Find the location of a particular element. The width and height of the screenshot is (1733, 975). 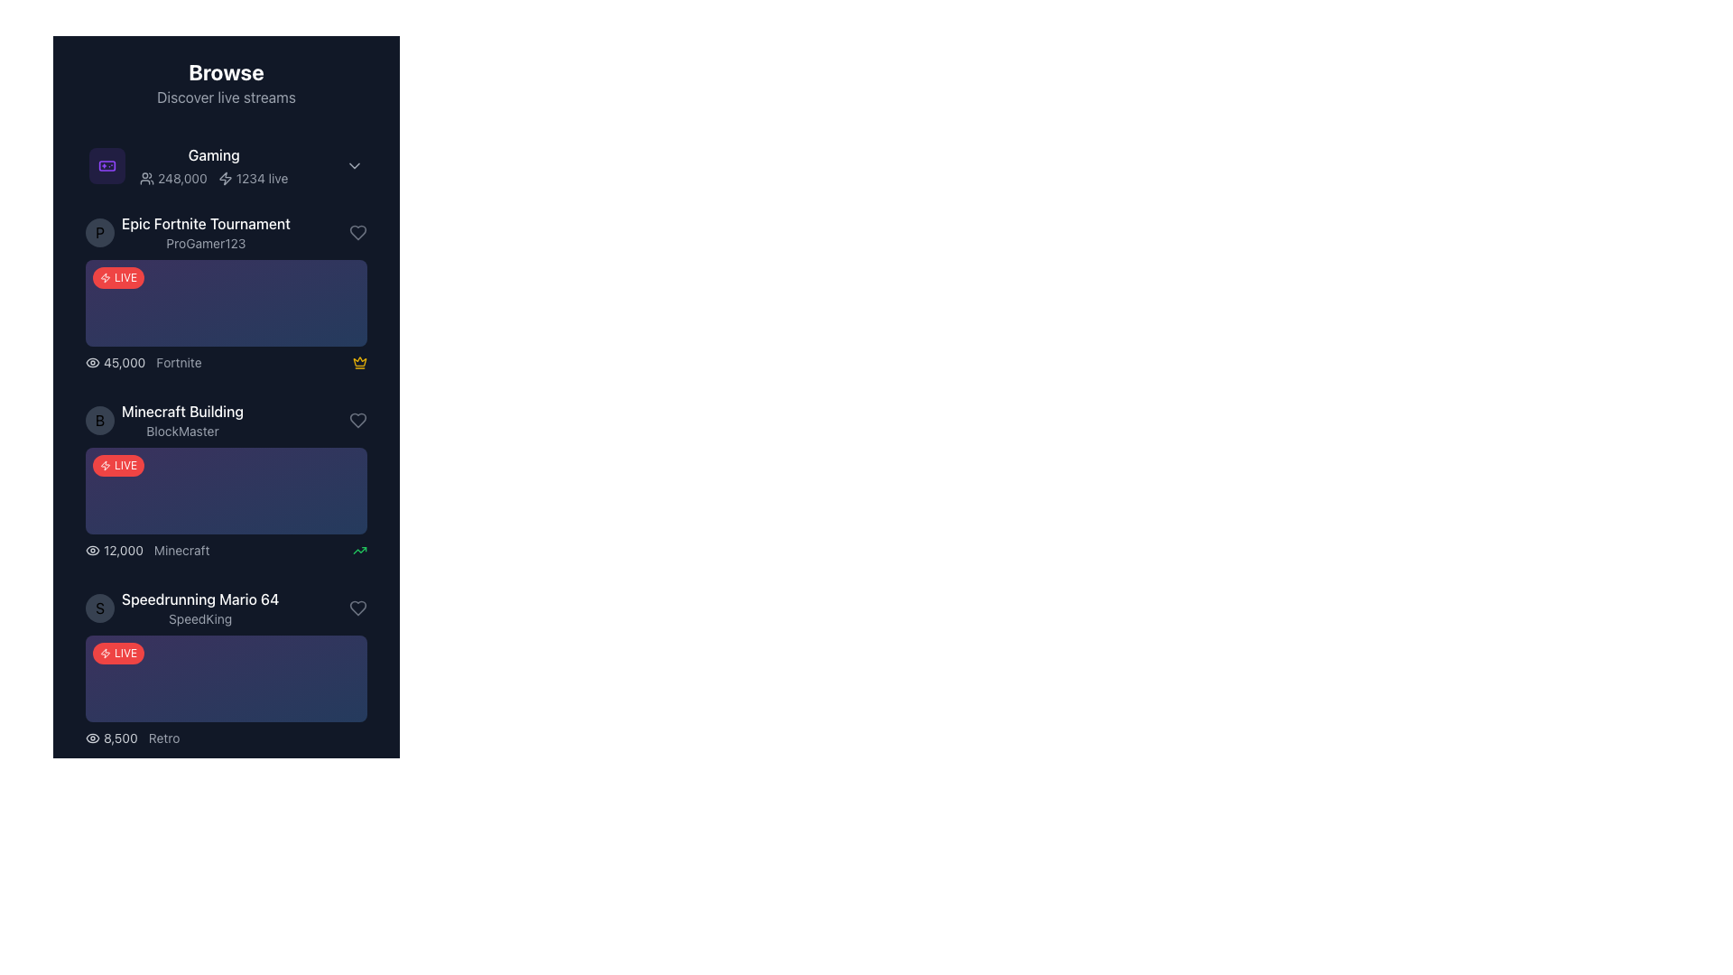

the text label displaying the number '45,000' styled in gray, which is located to the right of an eye icon in the Epic Fortnite Tournament details is located at coordinates (115, 362).